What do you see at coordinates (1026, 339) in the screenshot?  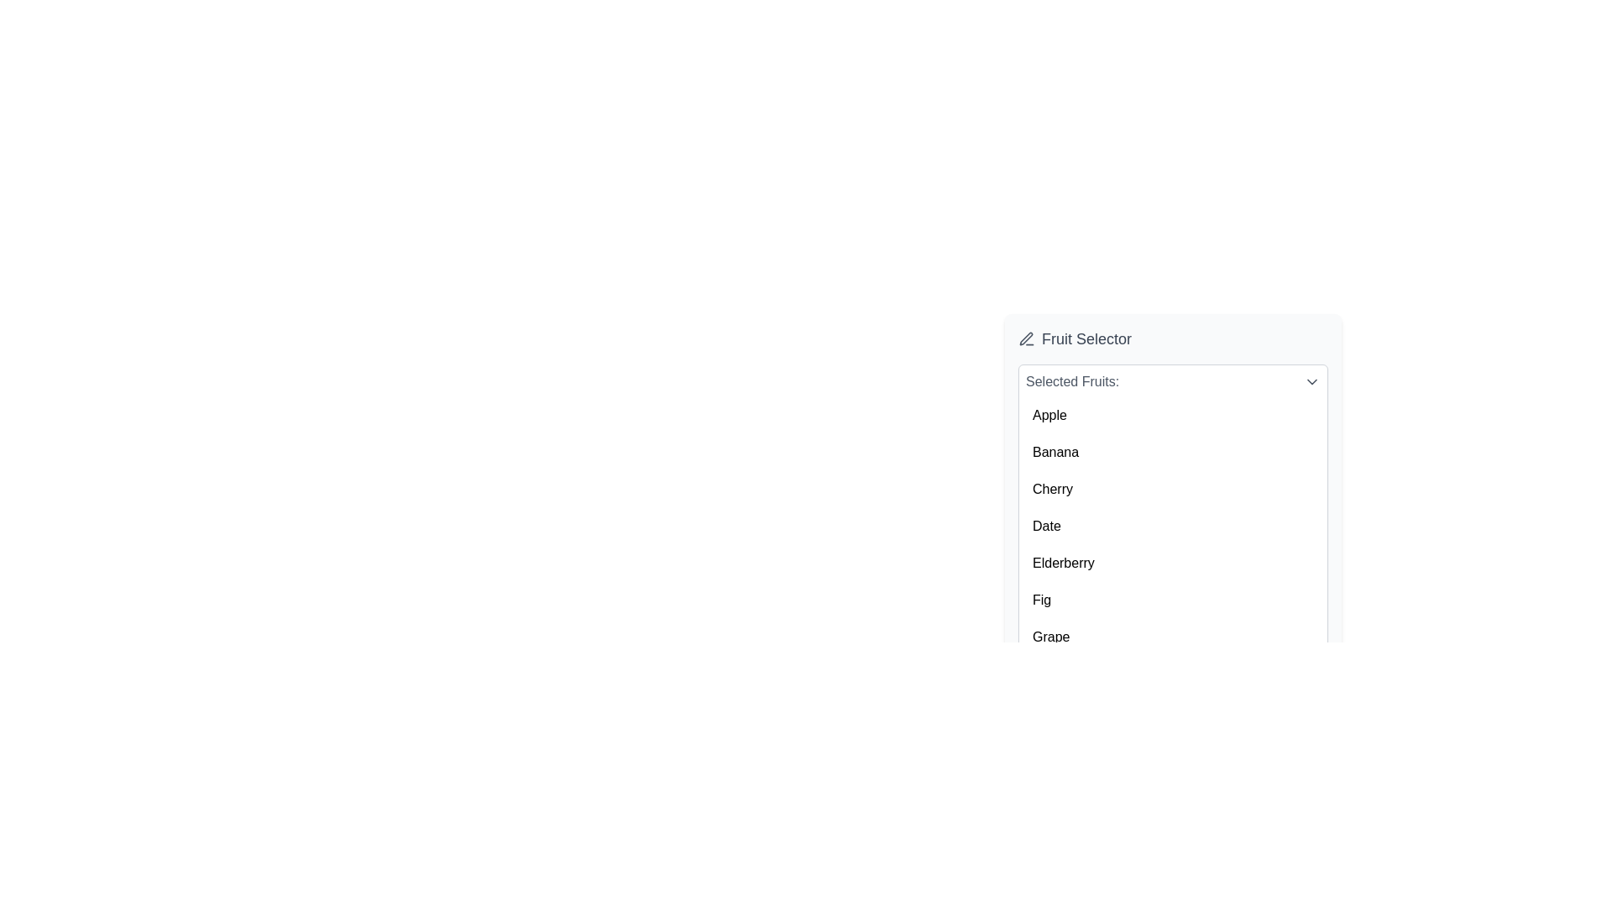 I see `the decorative icon located to the left of the text 'Fruit Selector', which indicates editing or selecting functionality` at bounding box center [1026, 339].